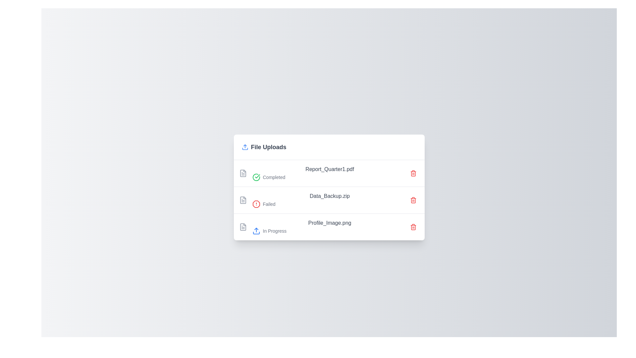  Describe the element at coordinates (330, 223) in the screenshot. I see `the filename displayed in the primary text label located in the third entry of the file list, positioned below 'Data_Backup.zip' and above the 'In Progress' status text` at that location.